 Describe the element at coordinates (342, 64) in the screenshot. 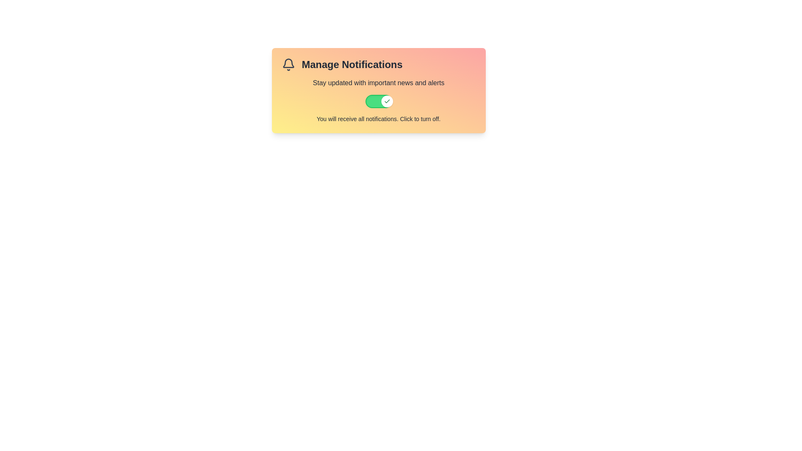

I see `the Header element that features a bell icon on the left and the bold text 'Manage Notifications' on the right, located at the top section of the gradient-colored notification management card` at that location.